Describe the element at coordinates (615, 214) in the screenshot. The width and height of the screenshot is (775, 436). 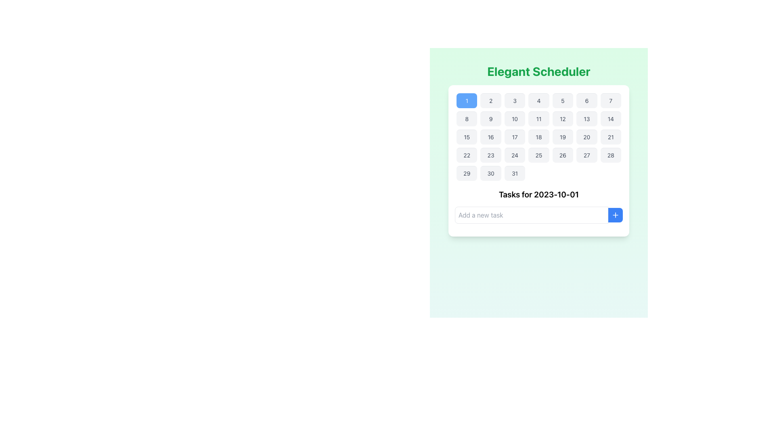
I see `the button located at the far right of the horizontal task input bar` at that location.